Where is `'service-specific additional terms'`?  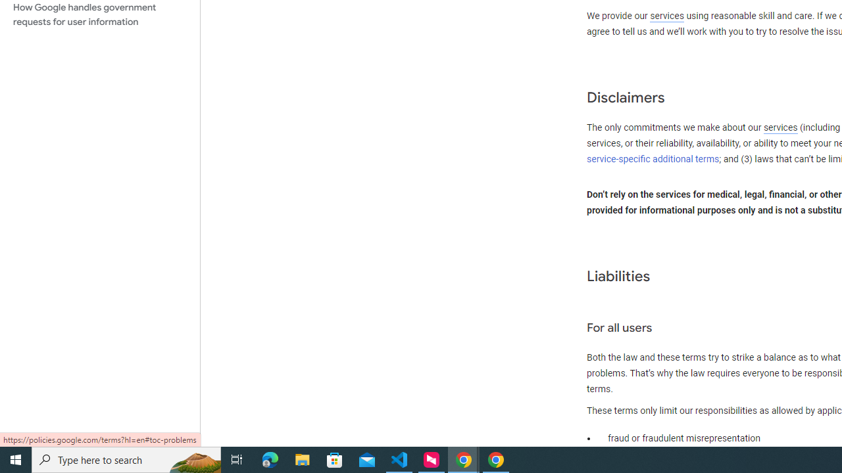
'service-specific additional terms' is located at coordinates (653, 158).